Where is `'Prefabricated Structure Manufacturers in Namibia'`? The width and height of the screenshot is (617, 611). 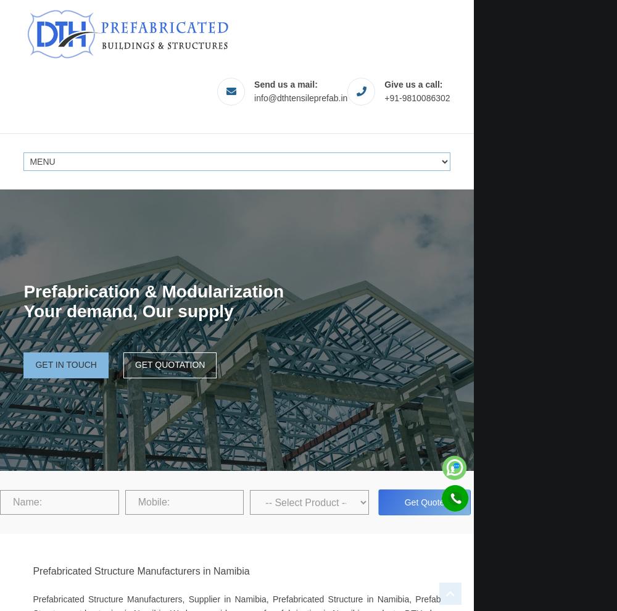
'Prefabricated Structure Manufacturers in Namibia' is located at coordinates (33, 570).